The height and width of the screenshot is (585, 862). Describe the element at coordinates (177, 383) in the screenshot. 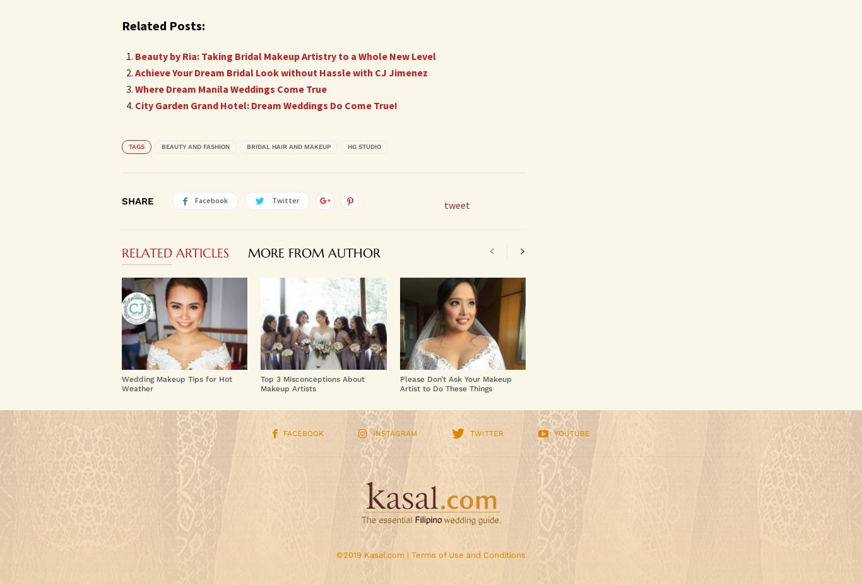

I see `'Wedding Makeup Tips for Hot Weather'` at that location.